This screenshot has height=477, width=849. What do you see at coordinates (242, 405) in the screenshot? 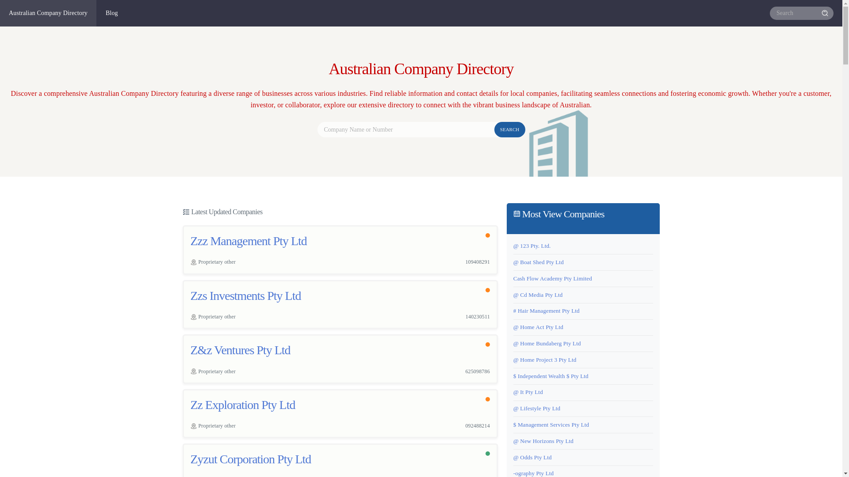
I see `'Zz Exploration Pty Ltd'` at bounding box center [242, 405].